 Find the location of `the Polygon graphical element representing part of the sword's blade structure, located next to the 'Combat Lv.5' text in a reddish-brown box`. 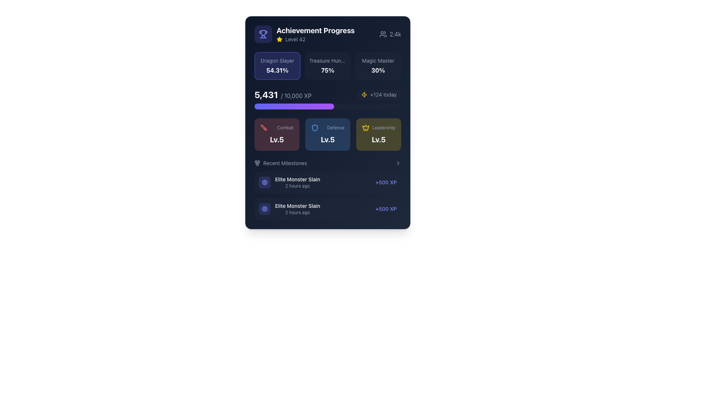

the Polygon graphical element representing part of the sword's blade structure, located next to the 'Combat Lv.5' text in a reddish-brown box is located at coordinates (263, 127).